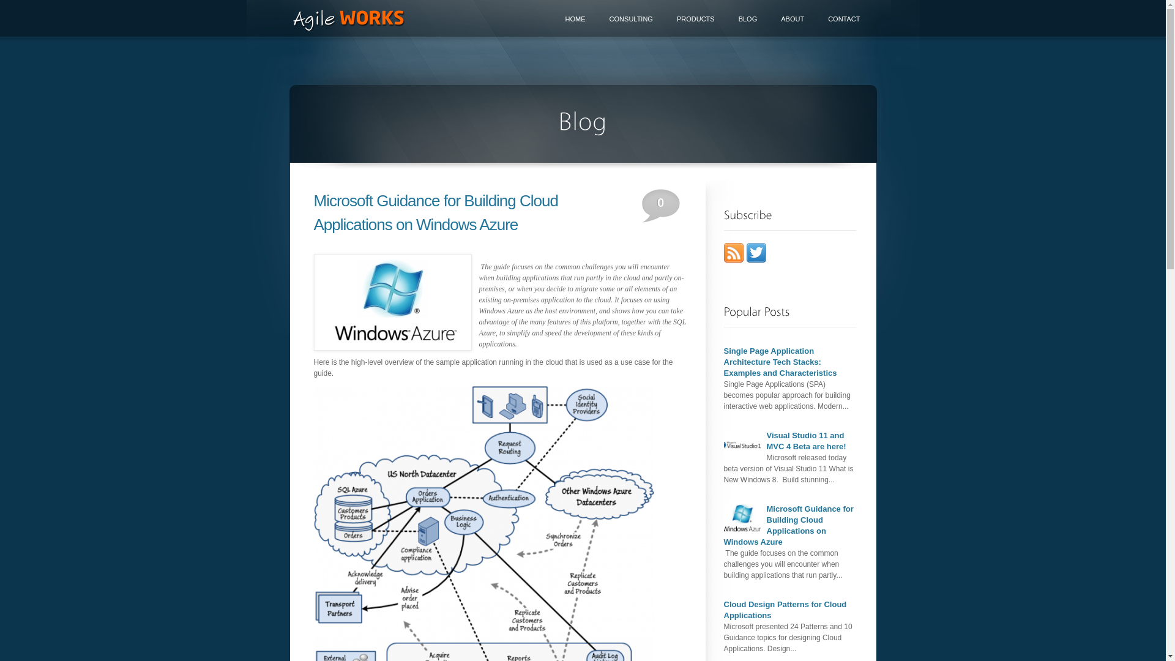  What do you see at coordinates (733, 259) in the screenshot?
I see `'Subscribe to posts via RSS feed'` at bounding box center [733, 259].